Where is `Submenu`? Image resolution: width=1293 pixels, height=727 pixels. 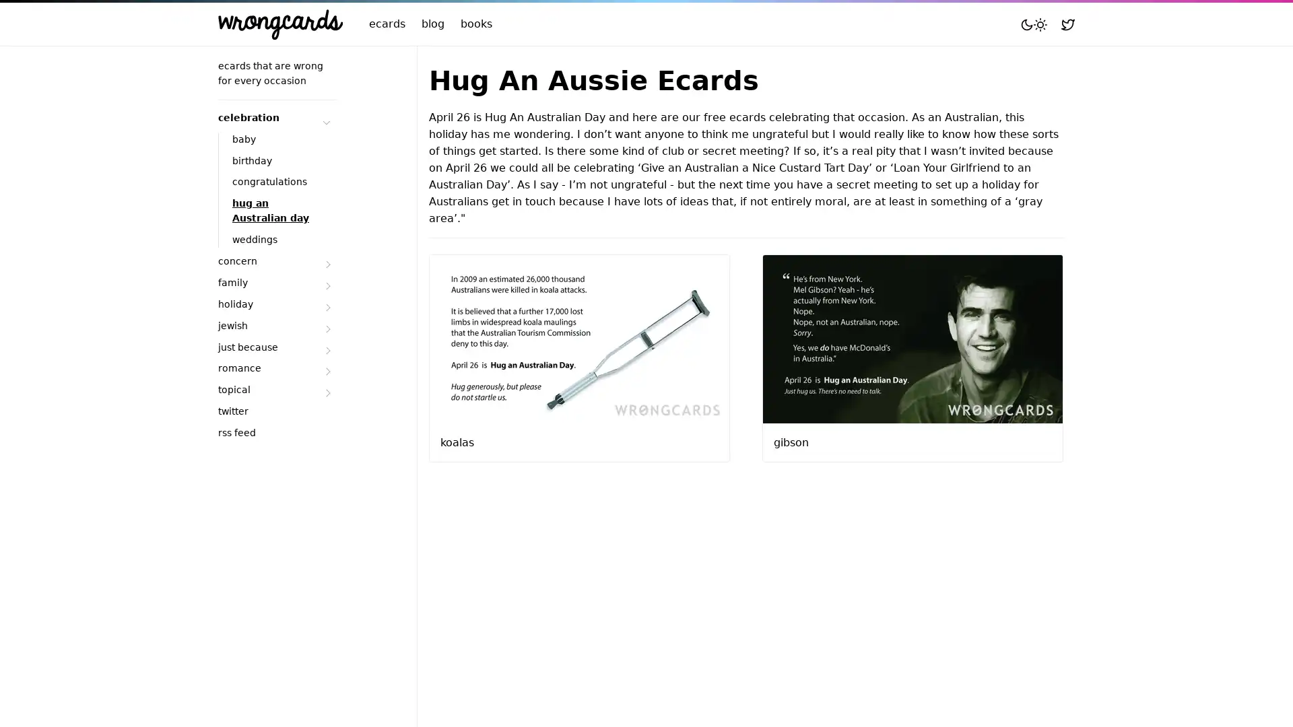 Submenu is located at coordinates (326, 119).